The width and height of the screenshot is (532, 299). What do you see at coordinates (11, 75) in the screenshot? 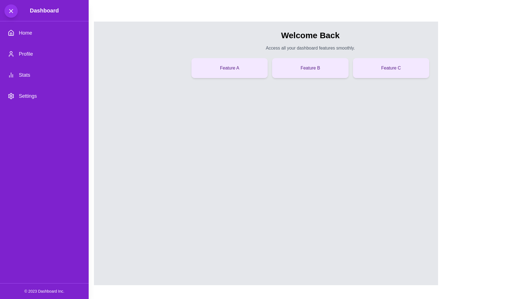
I see `the leftmost icon in the 'Stats' menu located in the left sidebar` at bounding box center [11, 75].